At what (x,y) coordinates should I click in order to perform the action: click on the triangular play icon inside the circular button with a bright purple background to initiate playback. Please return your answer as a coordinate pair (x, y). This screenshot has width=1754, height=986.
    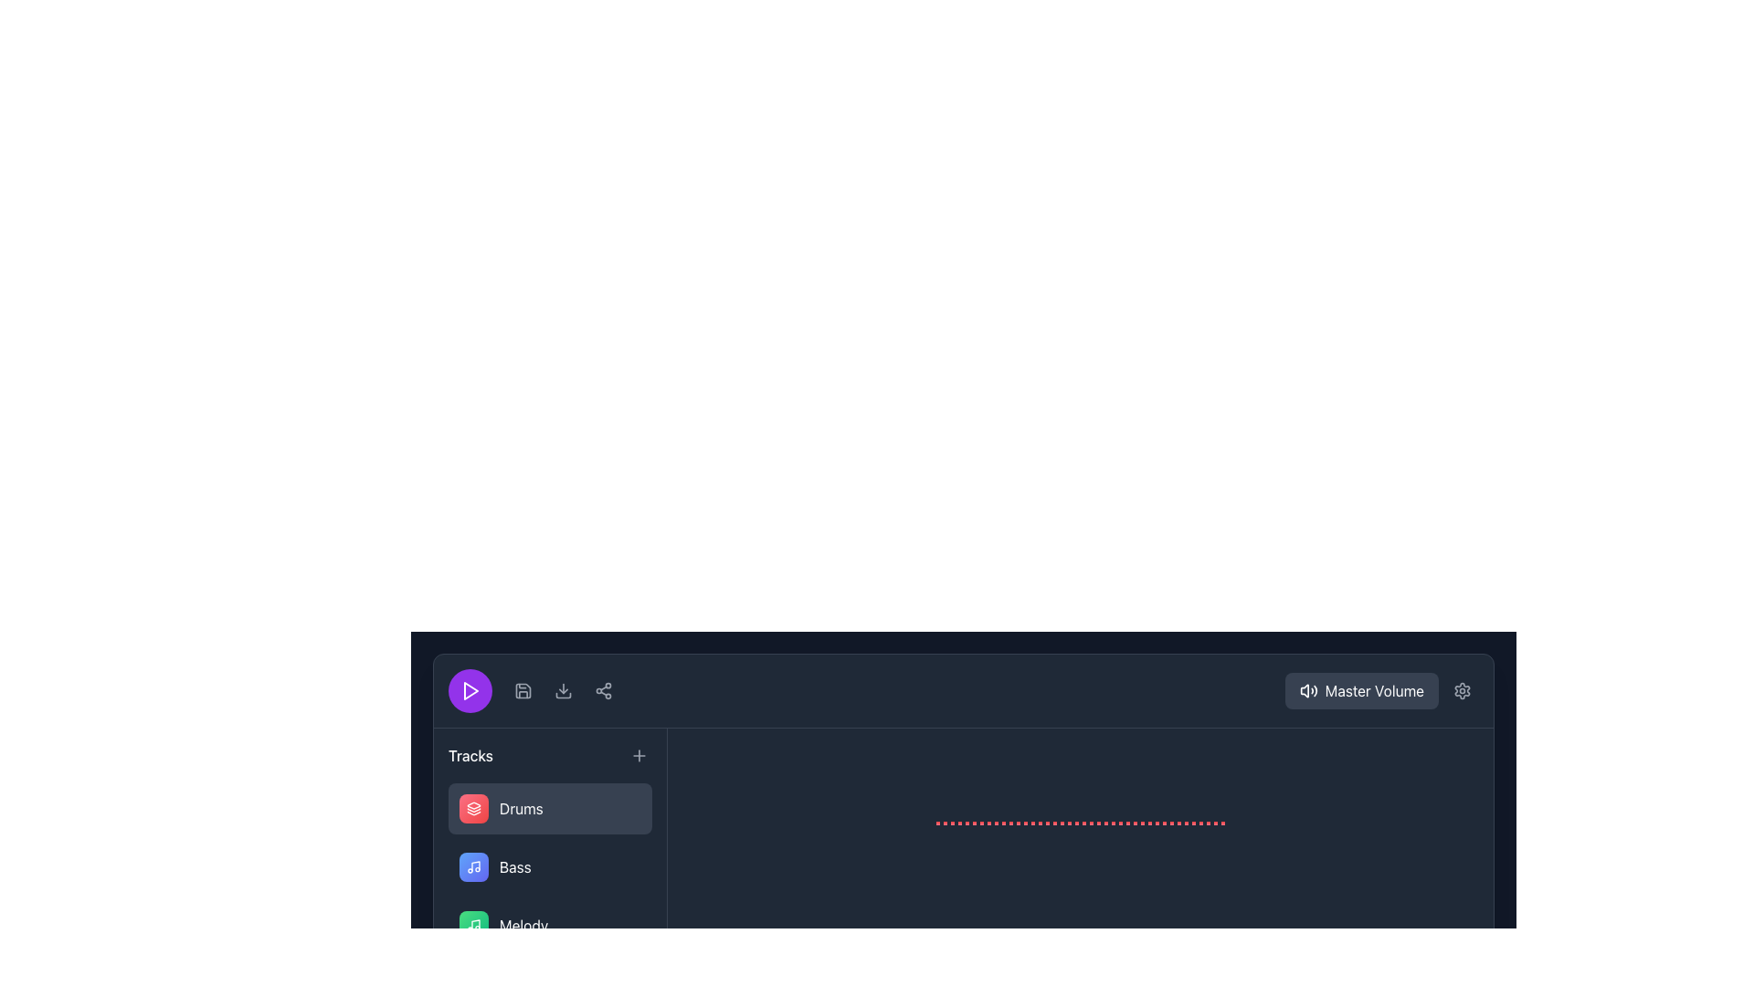
    Looking at the image, I should click on (470, 690).